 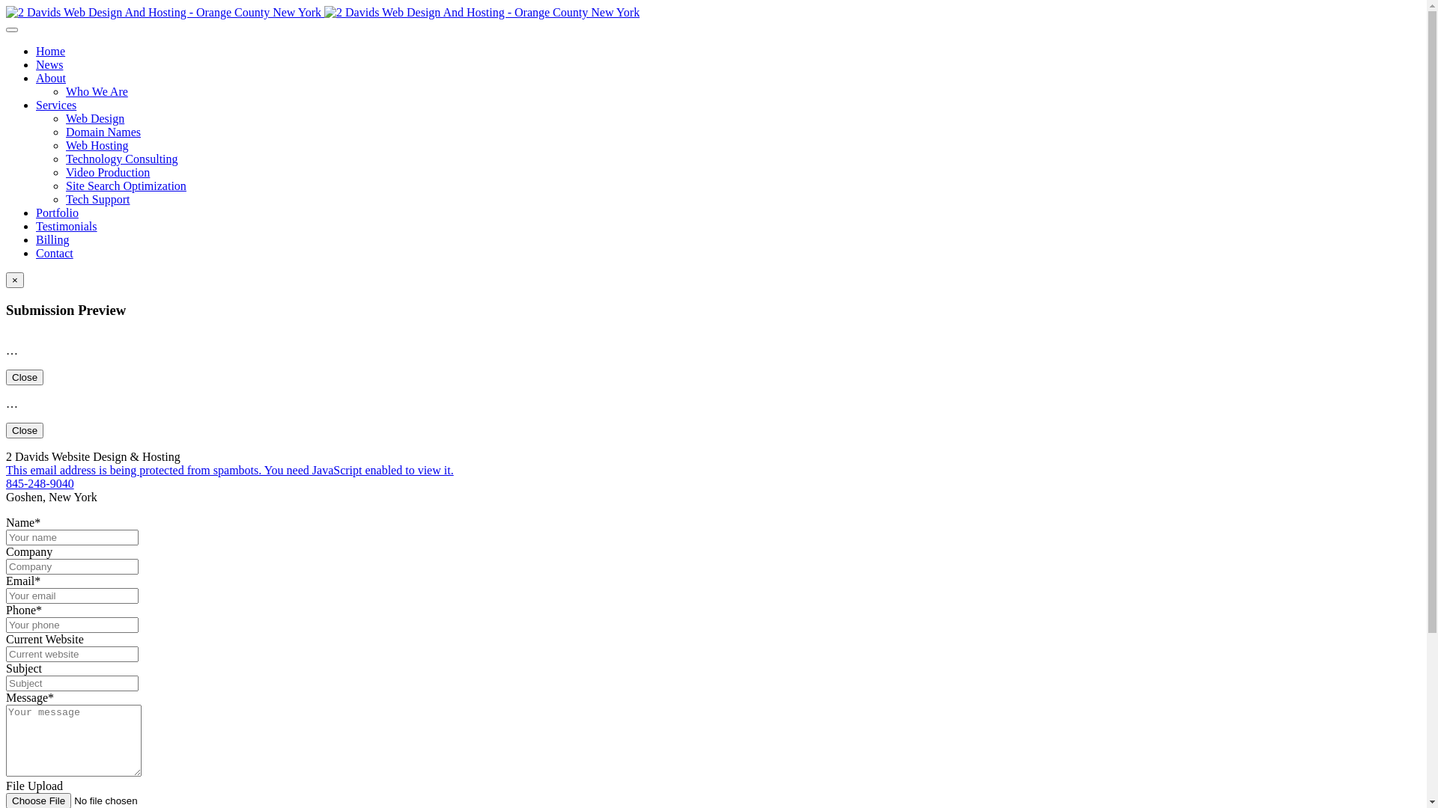 What do you see at coordinates (103, 131) in the screenshot?
I see `'Domain Names'` at bounding box center [103, 131].